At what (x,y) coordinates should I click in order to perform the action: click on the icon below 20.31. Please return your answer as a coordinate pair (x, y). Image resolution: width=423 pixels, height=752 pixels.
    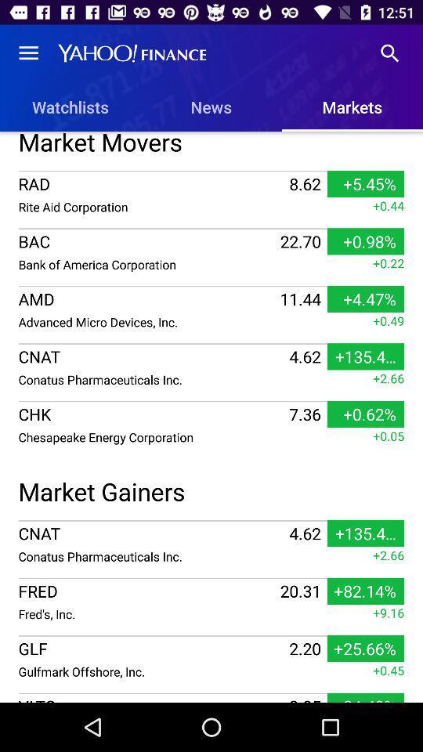
    Looking at the image, I should click on (147, 613).